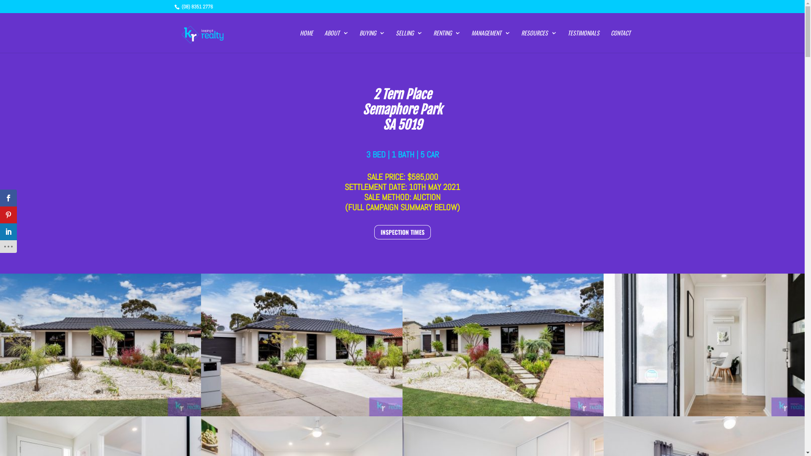 Image resolution: width=811 pixels, height=456 pixels. Describe the element at coordinates (402, 232) in the screenshot. I see `'INSPECTION TIMES'` at that location.